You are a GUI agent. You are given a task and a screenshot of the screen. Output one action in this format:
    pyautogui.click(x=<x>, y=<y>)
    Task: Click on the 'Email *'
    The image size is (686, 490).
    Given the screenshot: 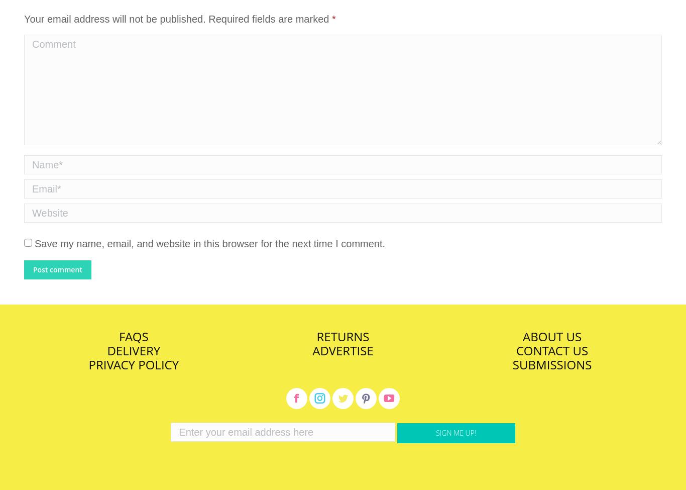 What is the action you would take?
    pyautogui.click(x=40, y=187)
    